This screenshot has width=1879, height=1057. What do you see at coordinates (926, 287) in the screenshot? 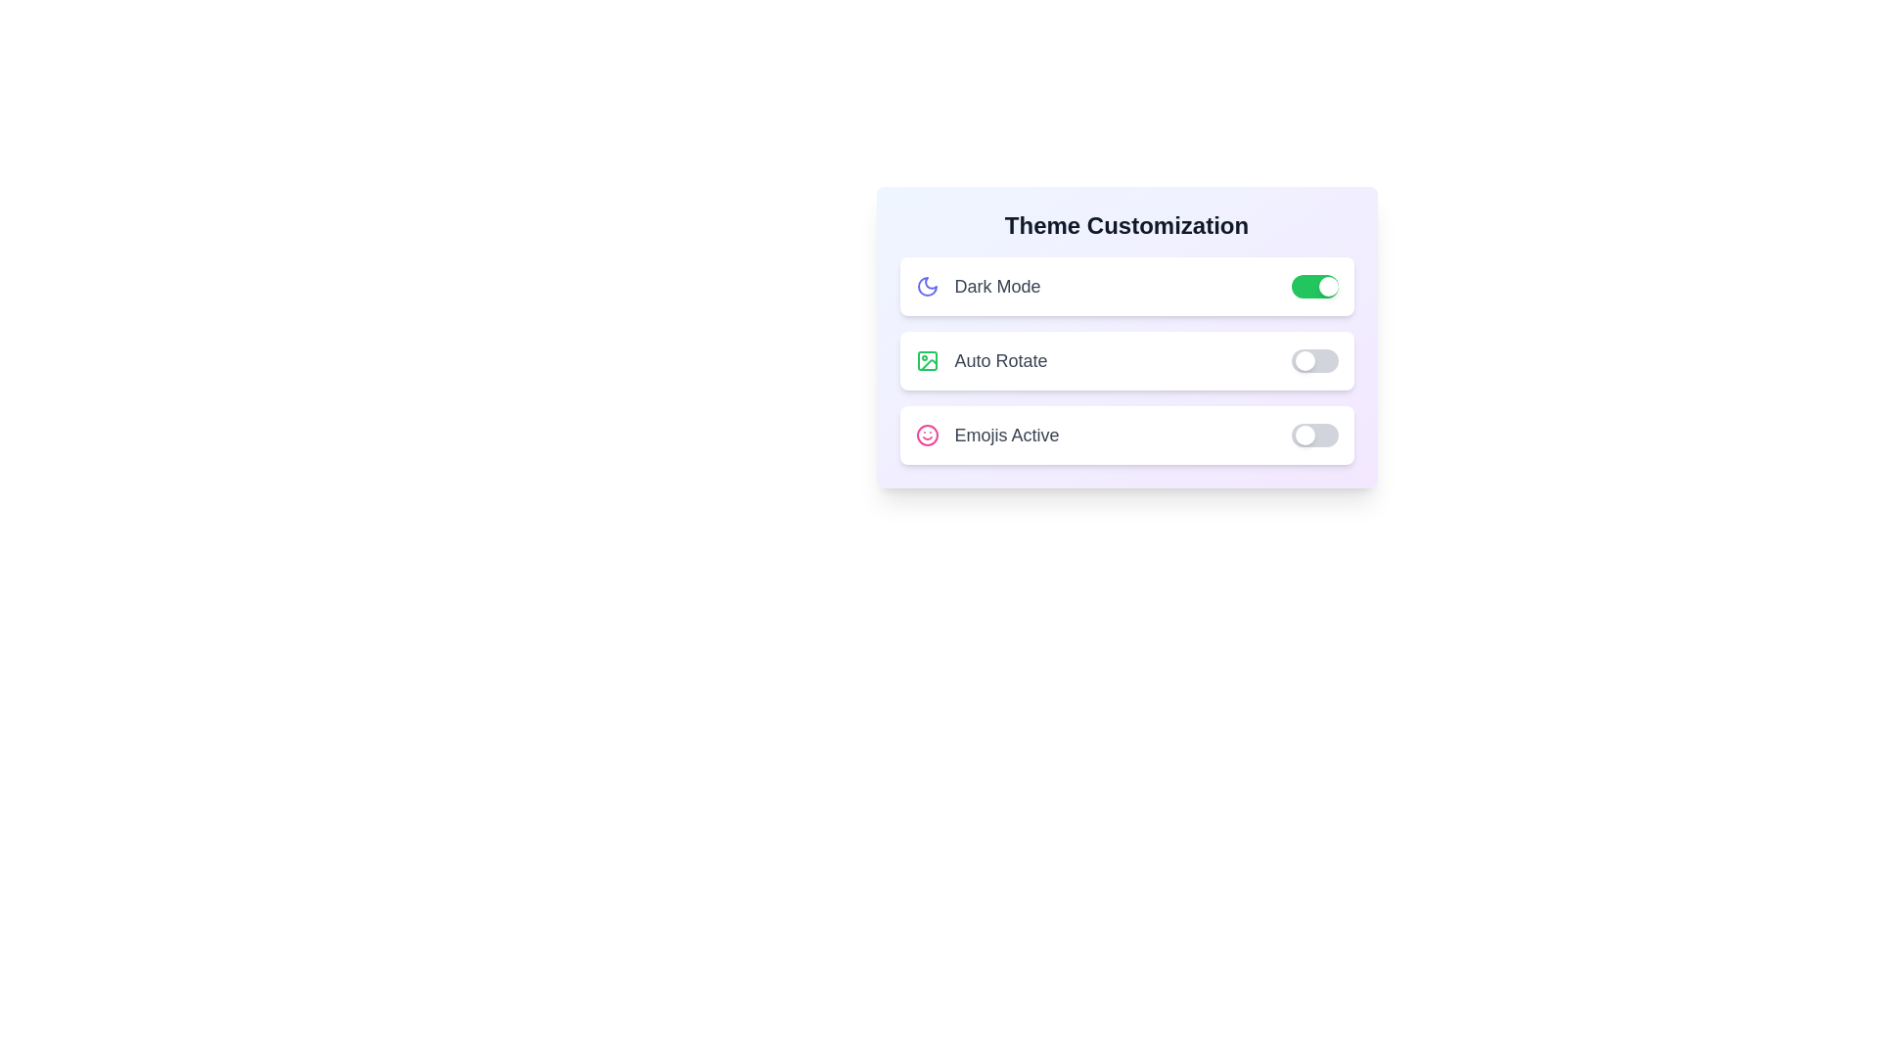
I see `the dark mode icon located to the left of the 'Dark Mode' label` at bounding box center [926, 287].